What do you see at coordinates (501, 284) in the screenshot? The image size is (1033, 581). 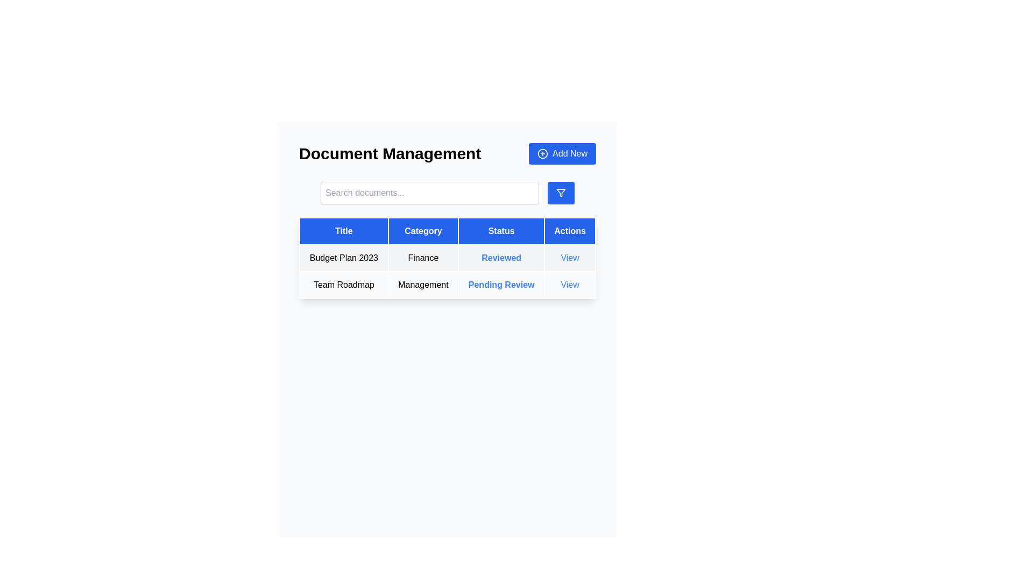 I see `the status indicator text label in the second row of the table, which shows that the corresponding item is awaiting review` at bounding box center [501, 284].